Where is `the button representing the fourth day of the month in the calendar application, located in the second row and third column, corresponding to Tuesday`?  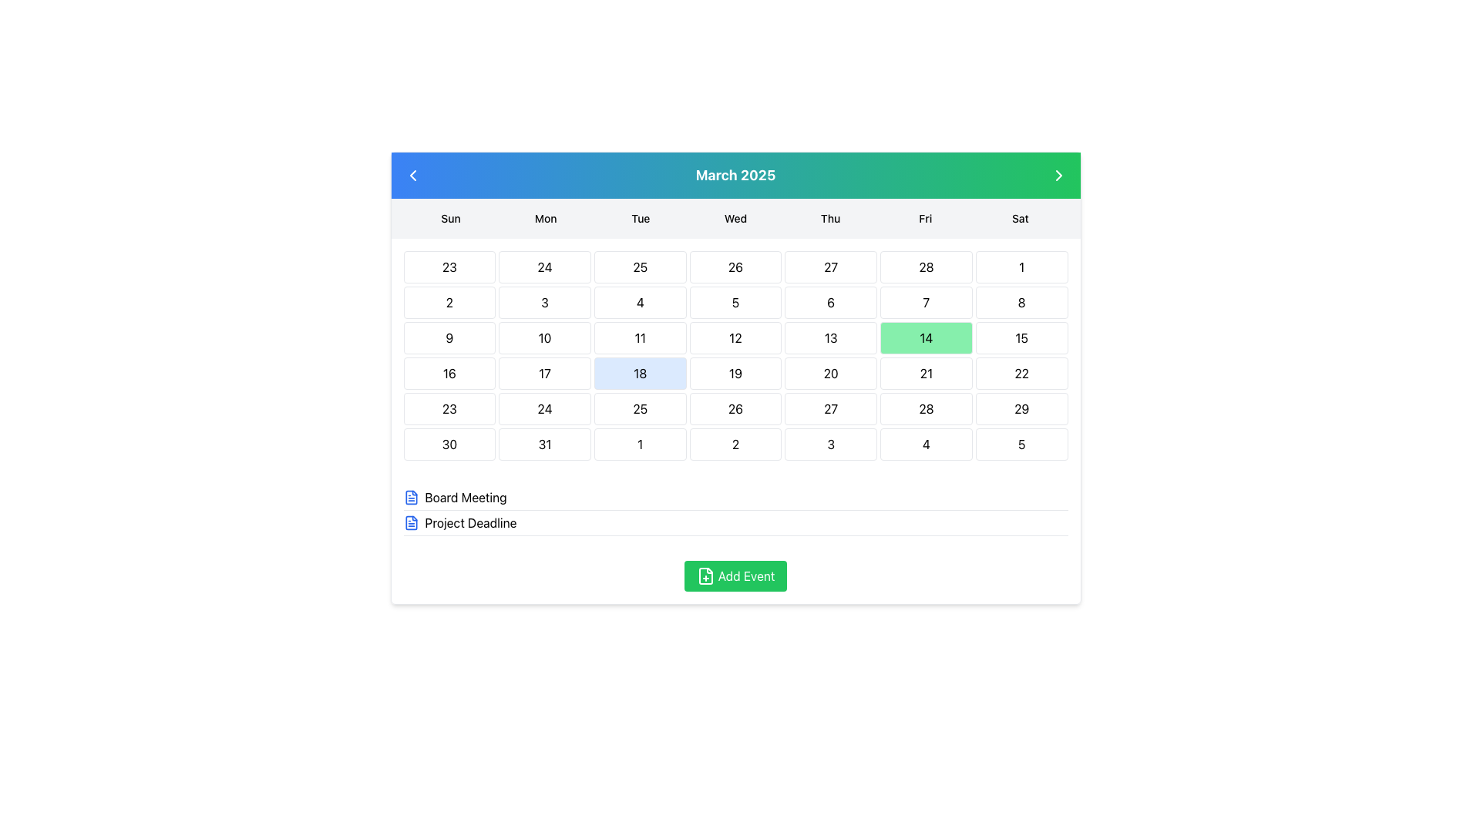 the button representing the fourth day of the month in the calendar application, located in the second row and third column, corresponding to Tuesday is located at coordinates (640, 303).